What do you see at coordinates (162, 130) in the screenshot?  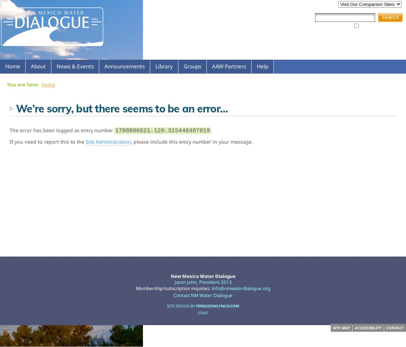 I see `'1700806621.120.315448407019'` at bounding box center [162, 130].